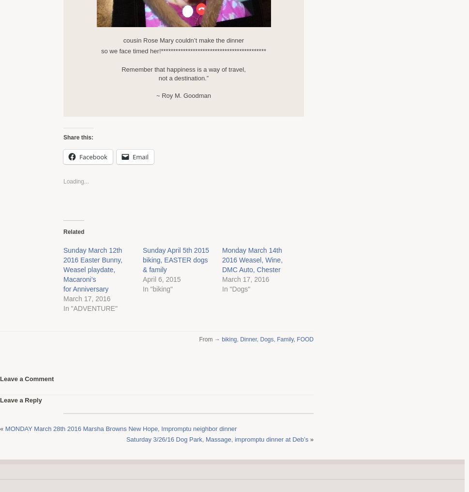  I want to click on 'From →', so click(210, 339).